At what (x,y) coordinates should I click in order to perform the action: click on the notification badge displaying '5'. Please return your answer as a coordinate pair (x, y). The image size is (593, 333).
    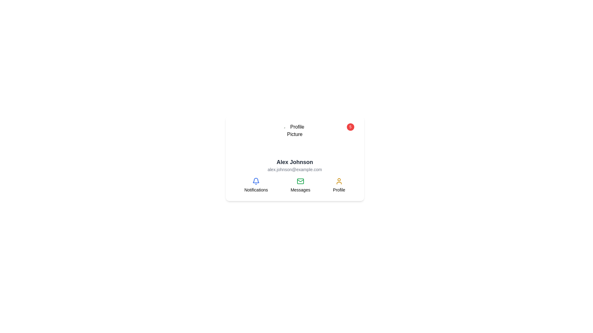
    Looking at the image, I should click on (294, 138).